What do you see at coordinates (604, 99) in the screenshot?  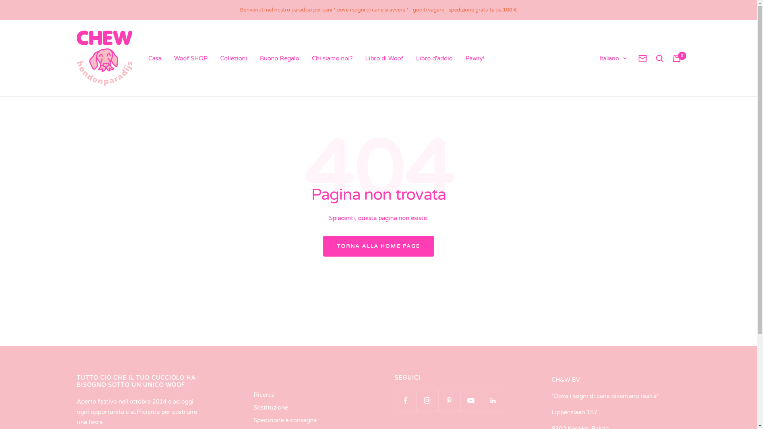 I see `'en'` at bounding box center [604, 99].